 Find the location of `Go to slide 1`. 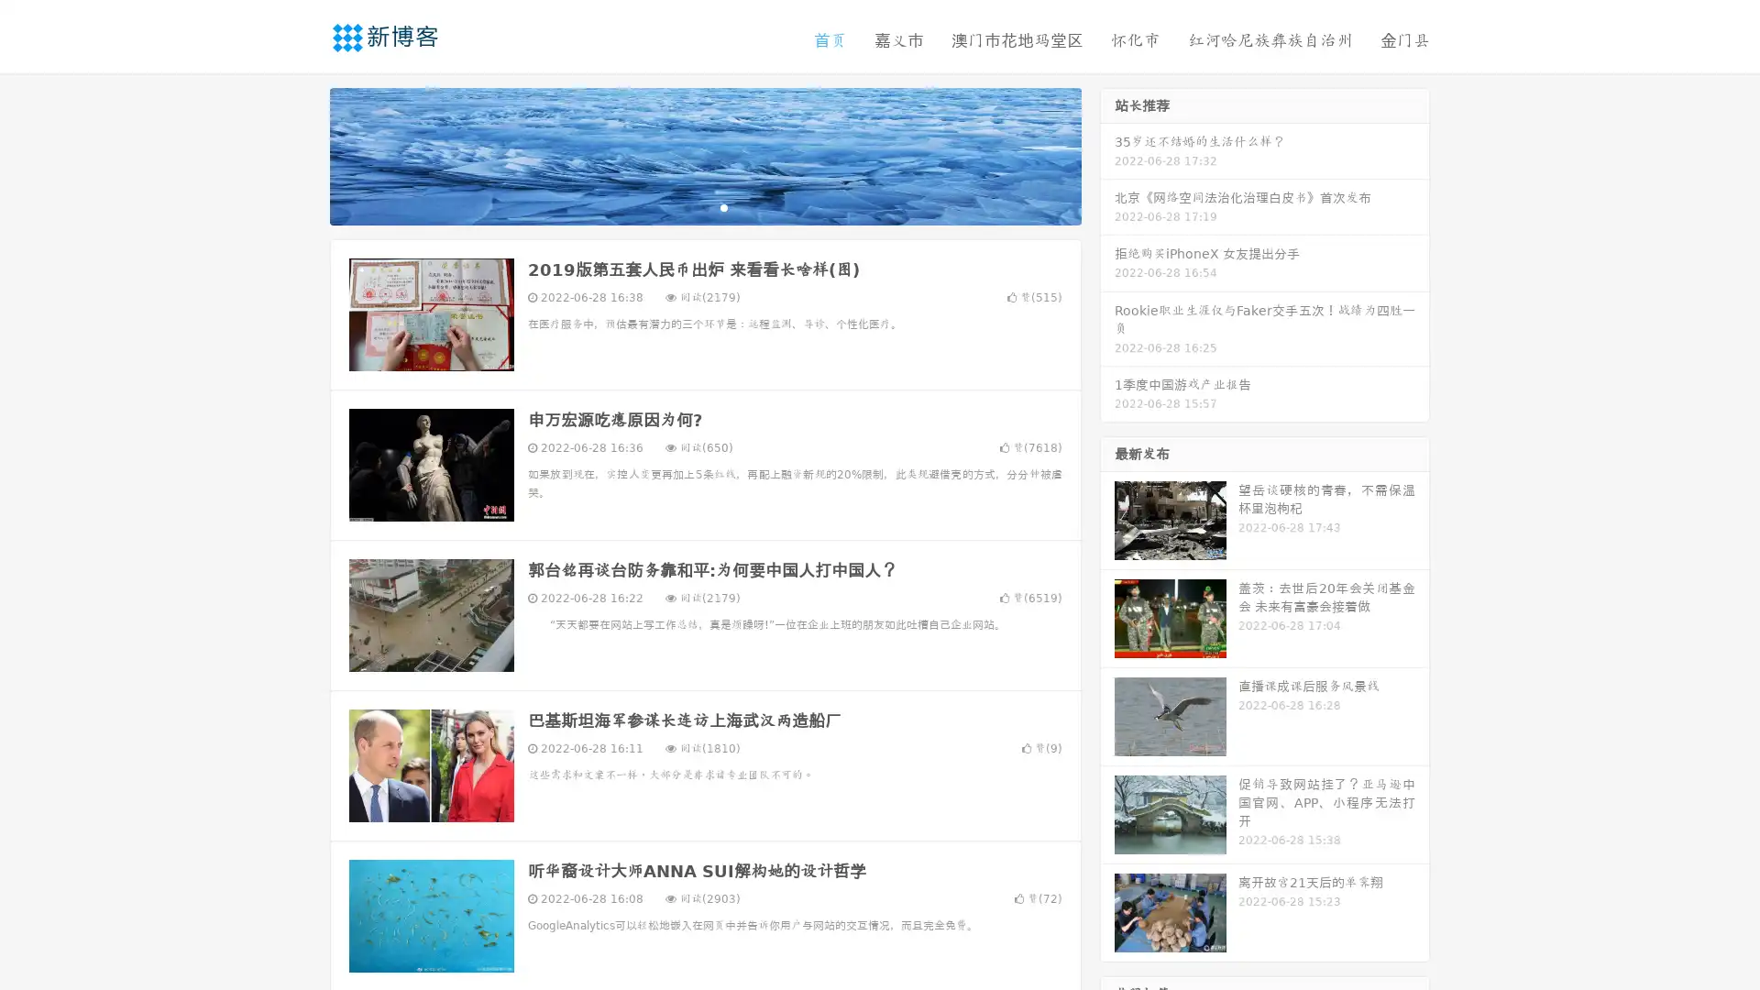

Go to slide 1 is located at coordinates (686, 206).